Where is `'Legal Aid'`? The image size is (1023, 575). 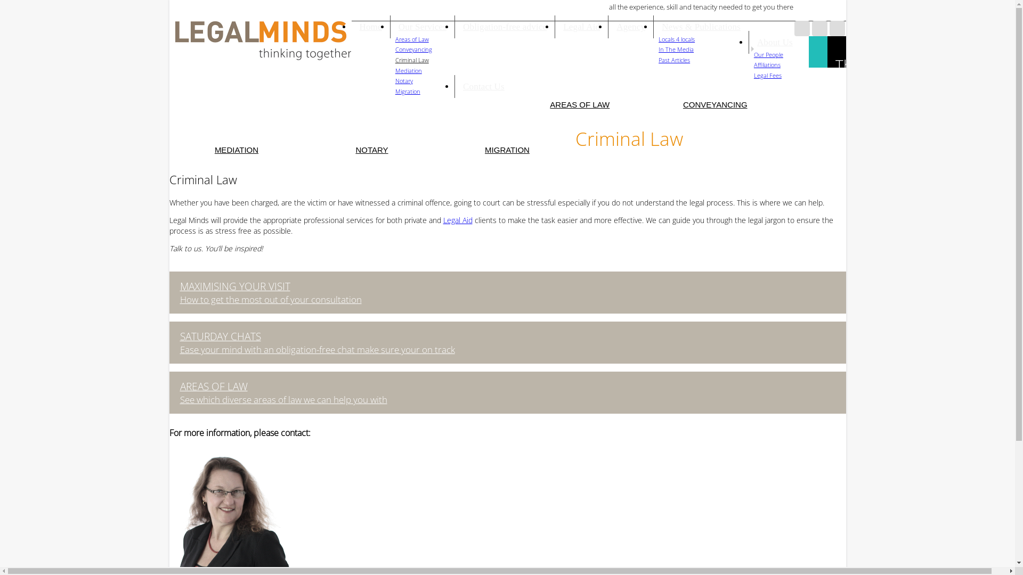
'Legal Aid' is located at coordinates (458, 219).